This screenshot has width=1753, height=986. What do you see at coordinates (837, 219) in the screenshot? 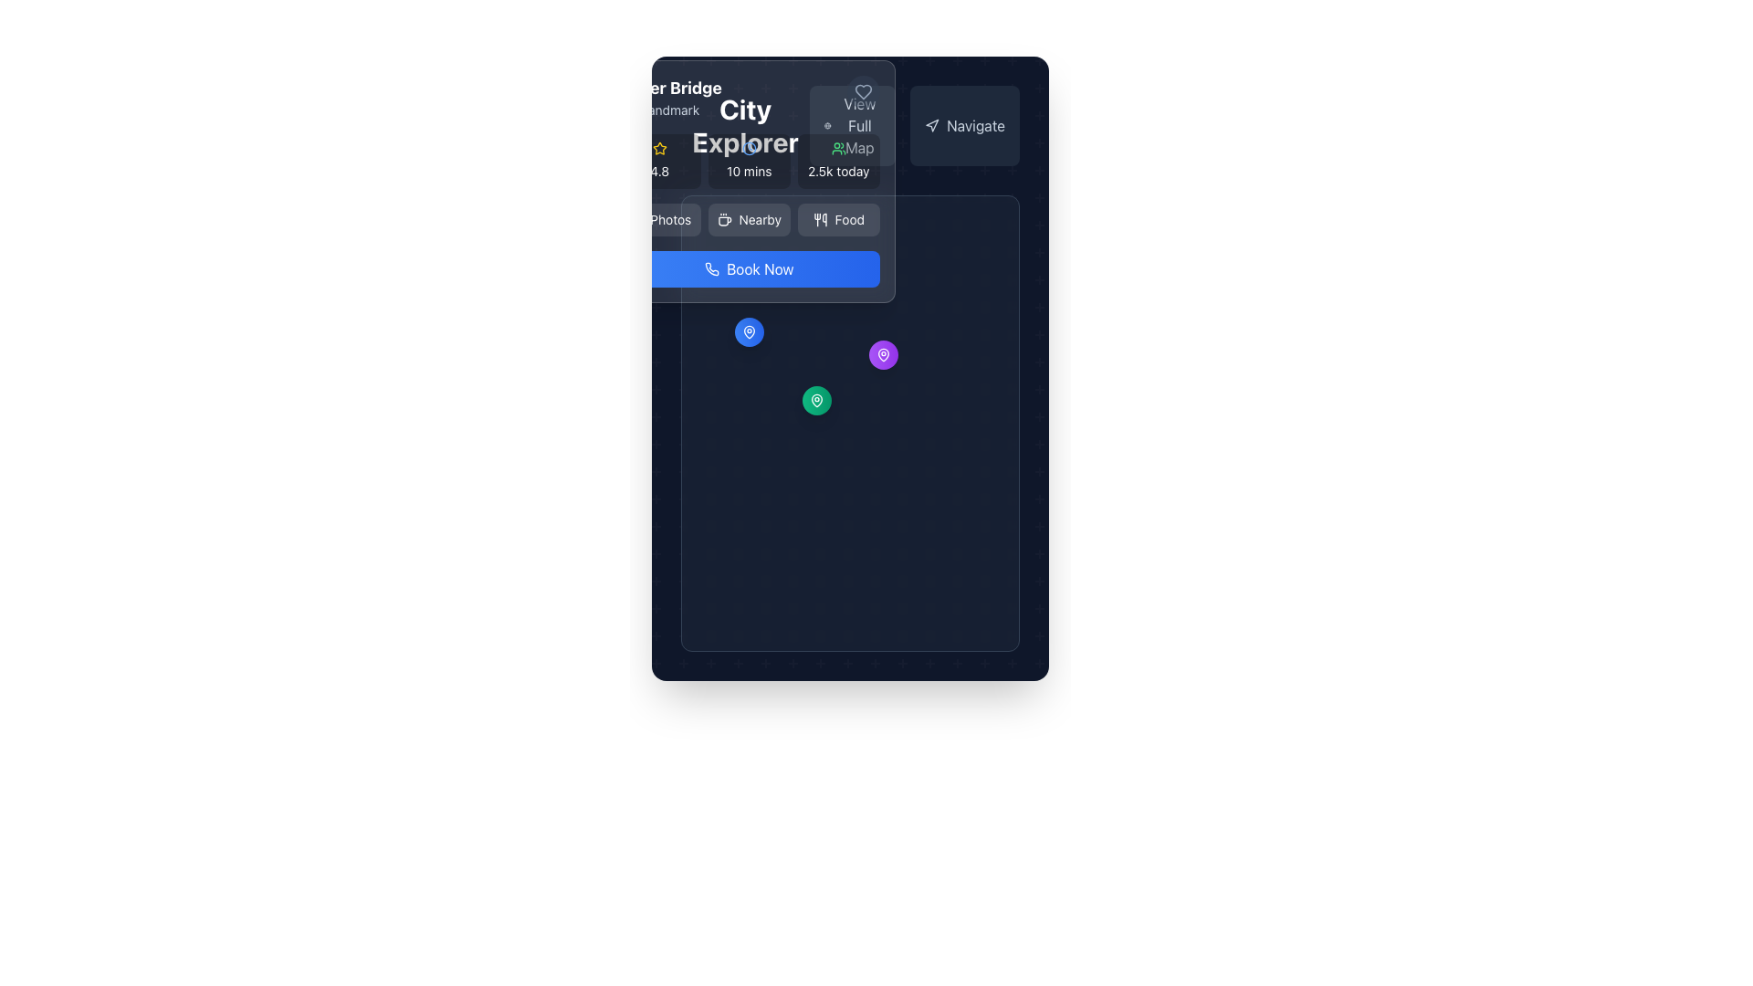
I see `the 'Food' button, which is the fourth button in a horizontal alignment, featuring a fork and knife icon on the left and a dark background that lightens on hover` at bounding box center [837, 219].